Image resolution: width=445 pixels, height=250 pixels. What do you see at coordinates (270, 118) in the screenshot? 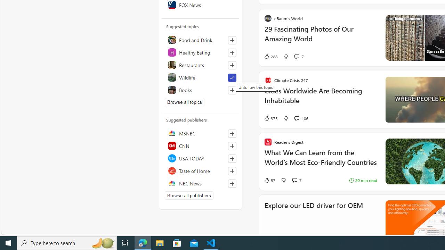
I see `'375 Like'` at bounding box center [270, 118].